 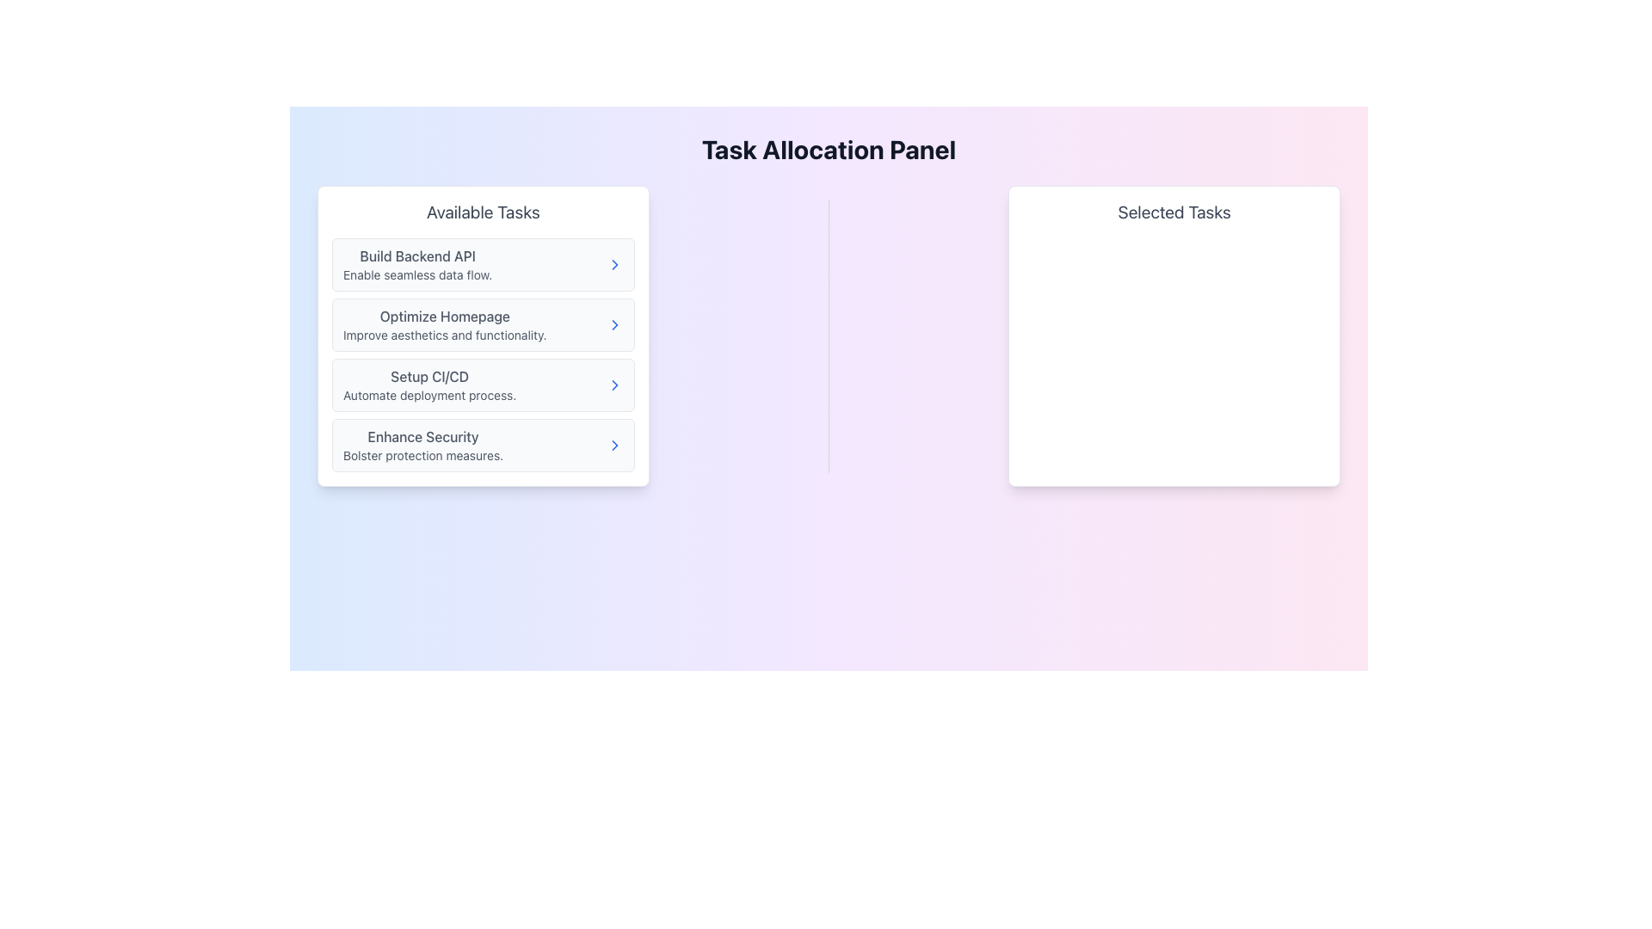 I want to click on the first header text in the 'Available Tasks' section that describes the task related to enhancing the homepage, so click(x=445, y=316).